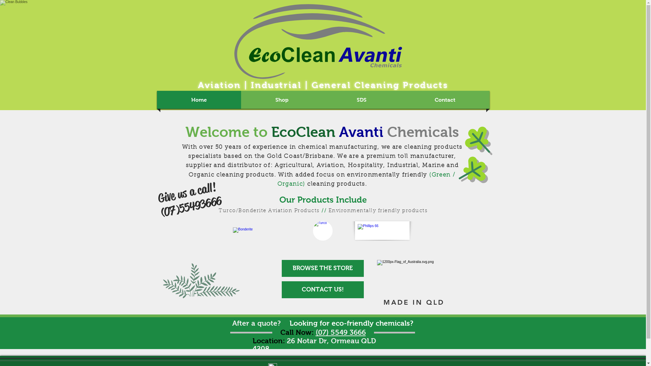  What do you see at coordinates (281, 290) in the screenshot?
I see `'CONTACT US!'` at bounding box center [281, 290].